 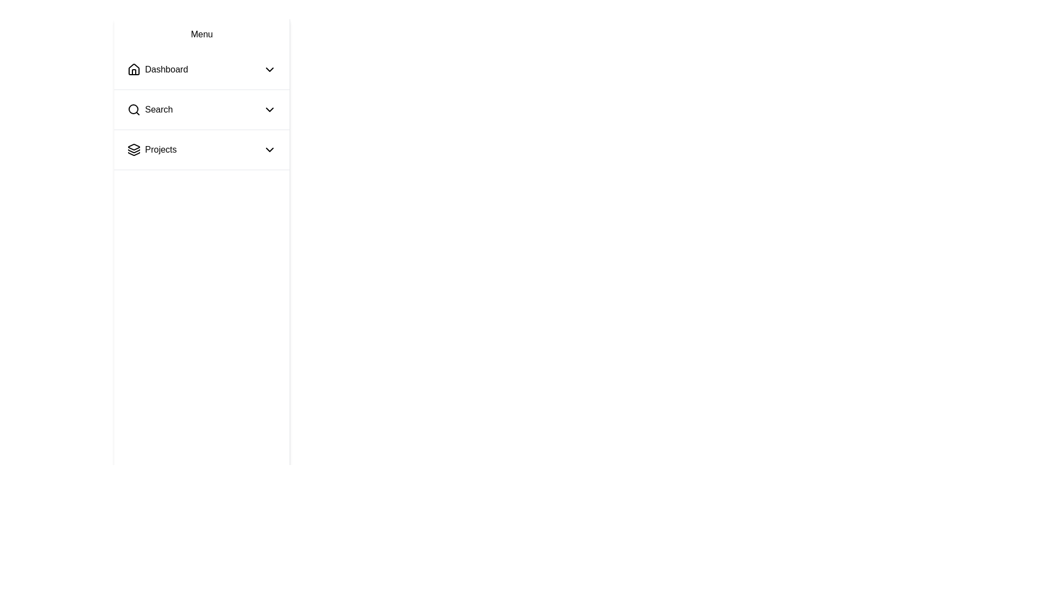 What do you see at coordinates (134, 151) in the screenshot?
I see `the middle shape of the layered icon in the 'Projects' menu, located to the left of the text 'Projects'` at bounding box center [134, 151].